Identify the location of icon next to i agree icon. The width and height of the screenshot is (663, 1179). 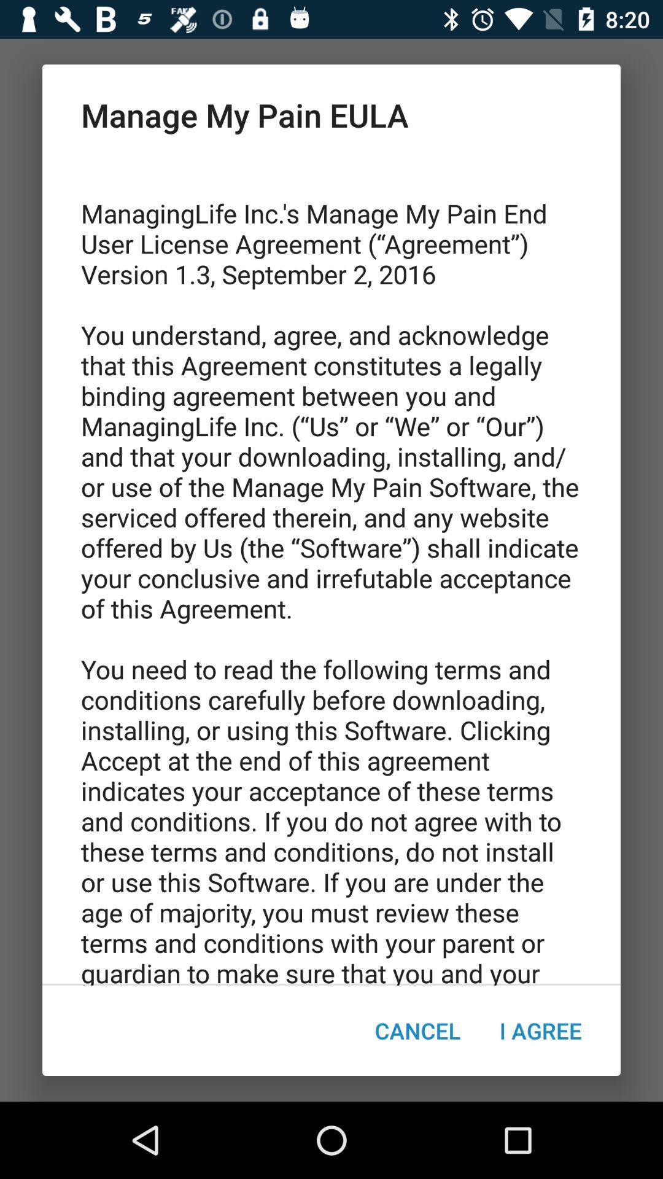
(417, 1030).